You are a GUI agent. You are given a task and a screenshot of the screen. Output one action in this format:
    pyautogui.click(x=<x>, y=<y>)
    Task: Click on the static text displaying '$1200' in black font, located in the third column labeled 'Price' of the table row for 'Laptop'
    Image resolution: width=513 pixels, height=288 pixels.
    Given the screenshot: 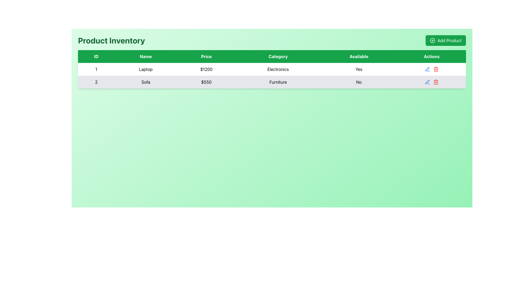 What is the action you would take?
    pyautogui.click(x=206, y=69)
    